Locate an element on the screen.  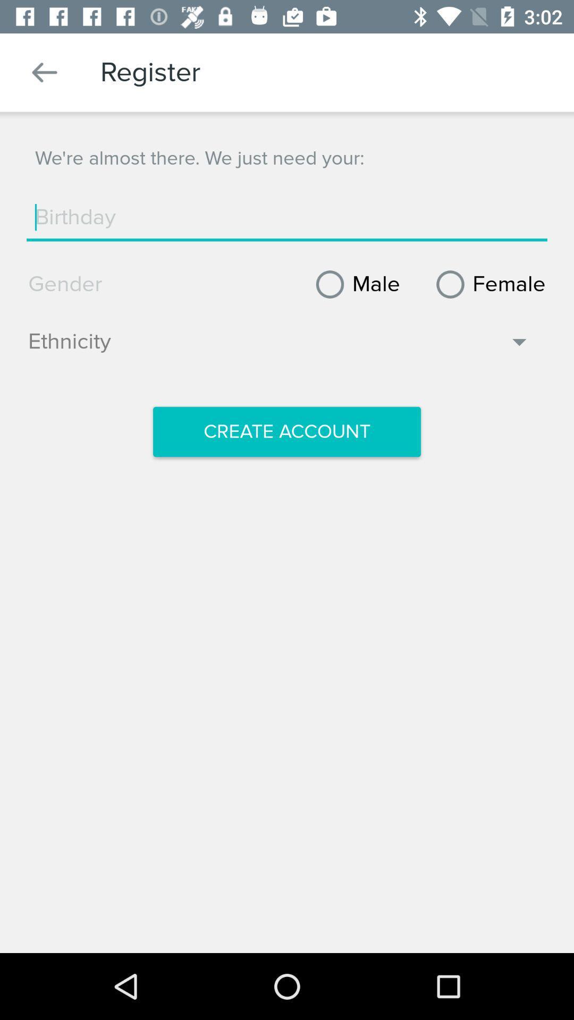
the icon to the left of female is located at coordinates (354, 284).